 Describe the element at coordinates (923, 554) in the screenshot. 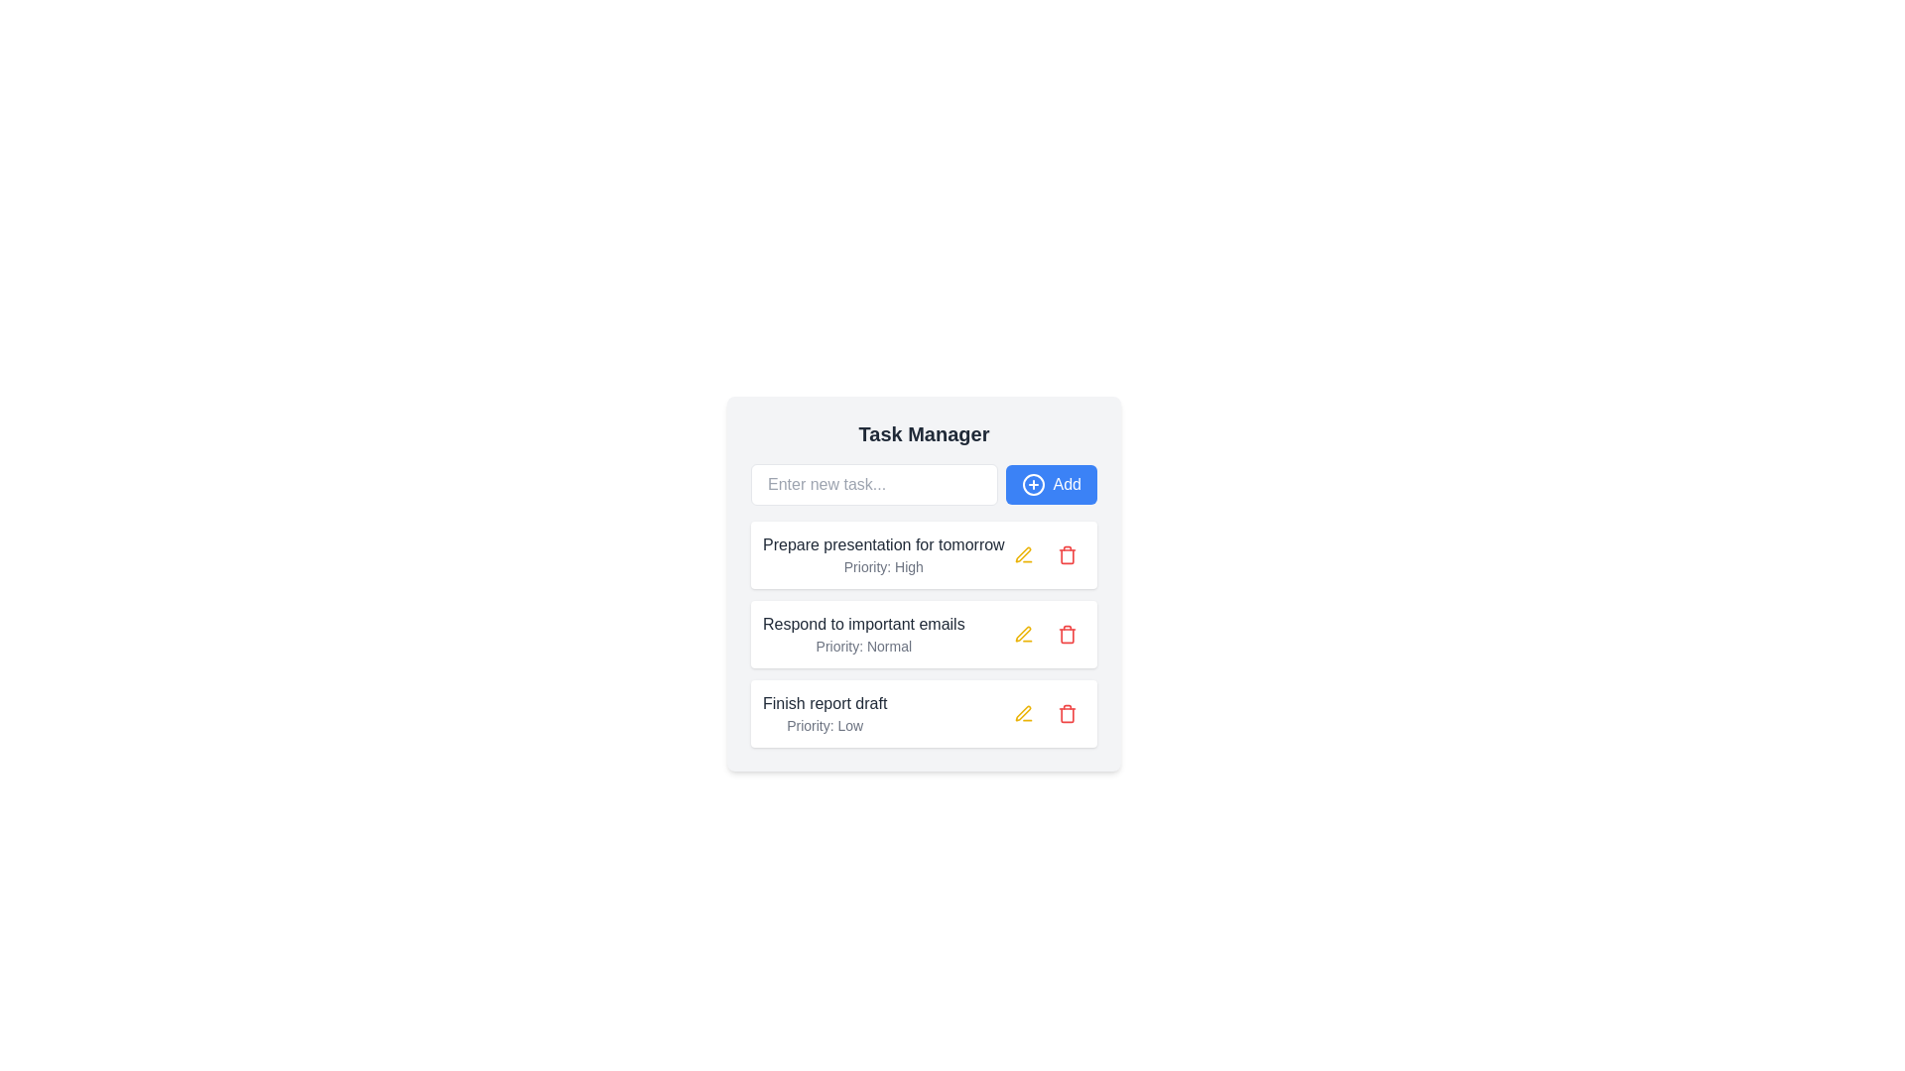

I see `the task card representing a specific task item in the task manager` at that location.